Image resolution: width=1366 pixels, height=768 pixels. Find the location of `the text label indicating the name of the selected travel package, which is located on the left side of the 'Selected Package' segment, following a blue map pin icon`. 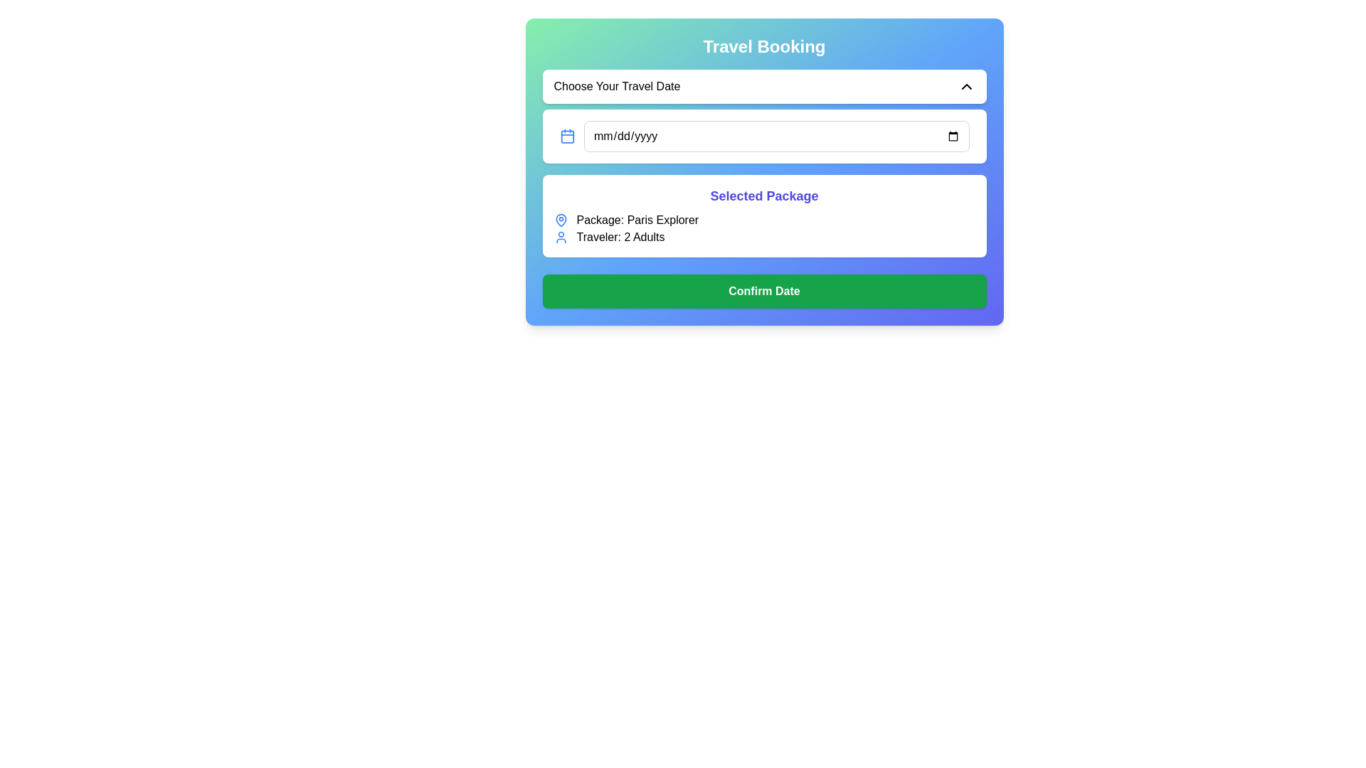

the text label indicating the name of the selected travel package, which is located on the left side of the 'Selected Package' segment, following a blue map pin icon is located at coordinates (637, 220).